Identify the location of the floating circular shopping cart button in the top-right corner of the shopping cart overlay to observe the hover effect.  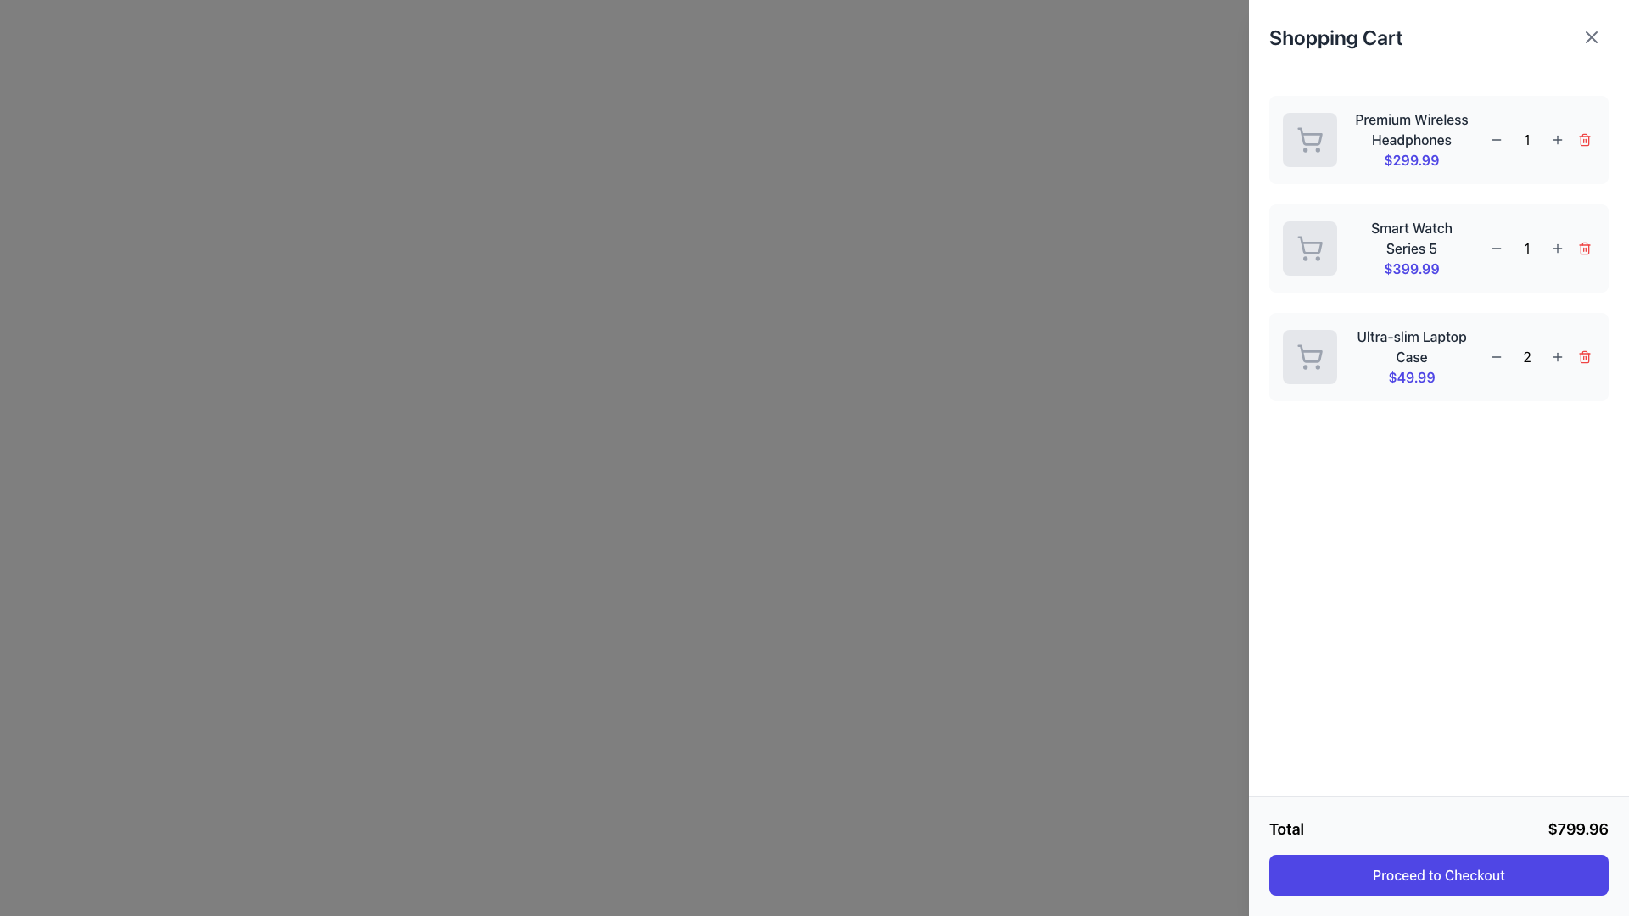
(1597, 30).